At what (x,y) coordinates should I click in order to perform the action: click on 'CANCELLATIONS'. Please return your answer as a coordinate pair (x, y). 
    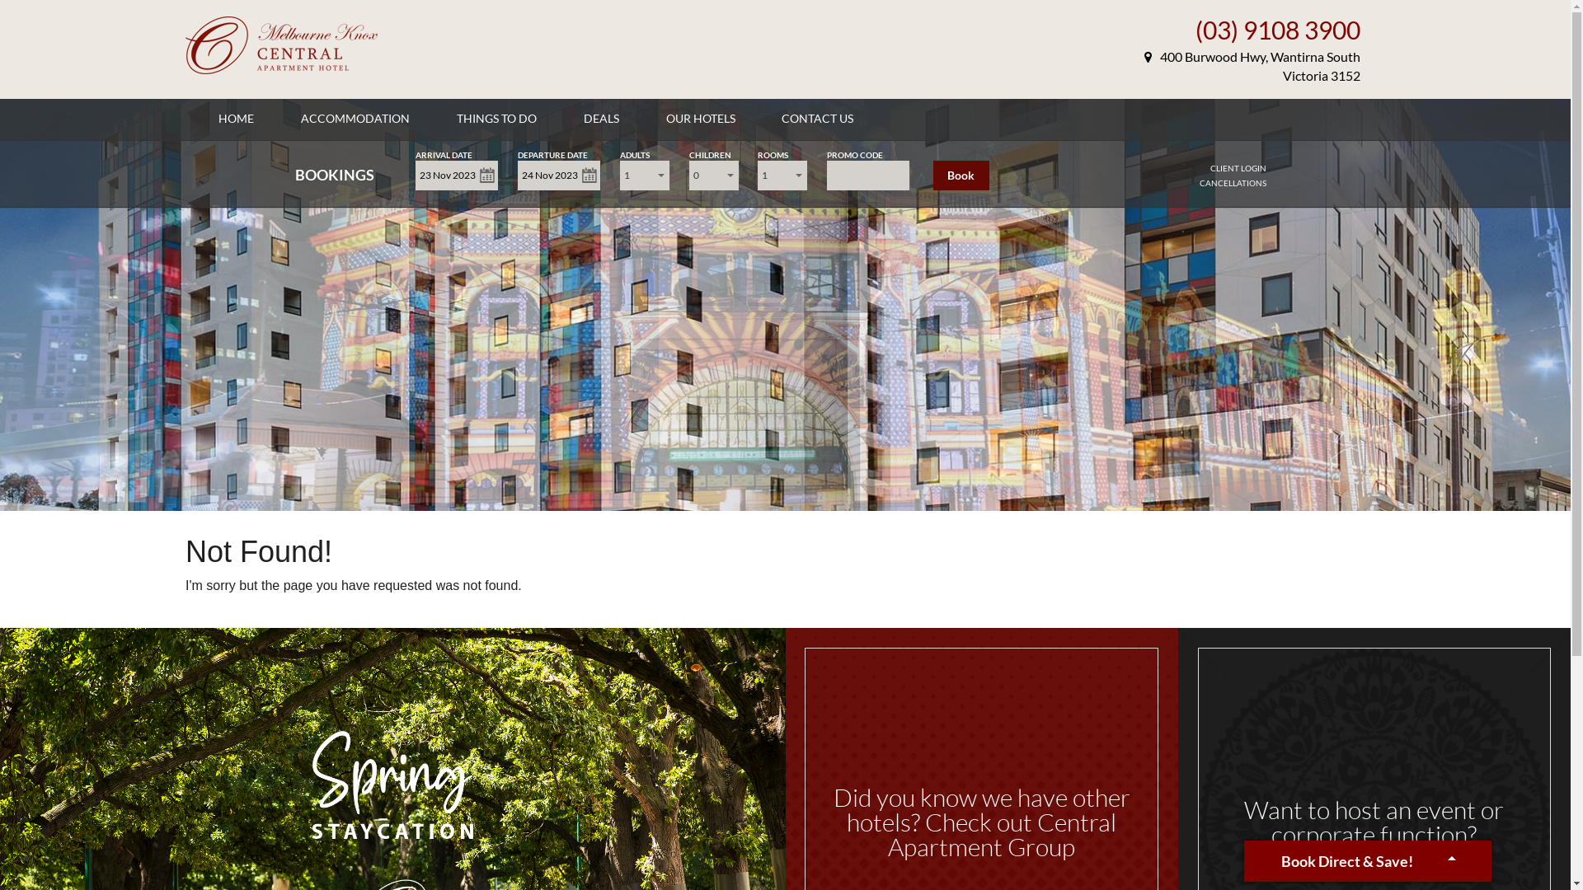
    Looking at the image, I should click on (1199, 183).